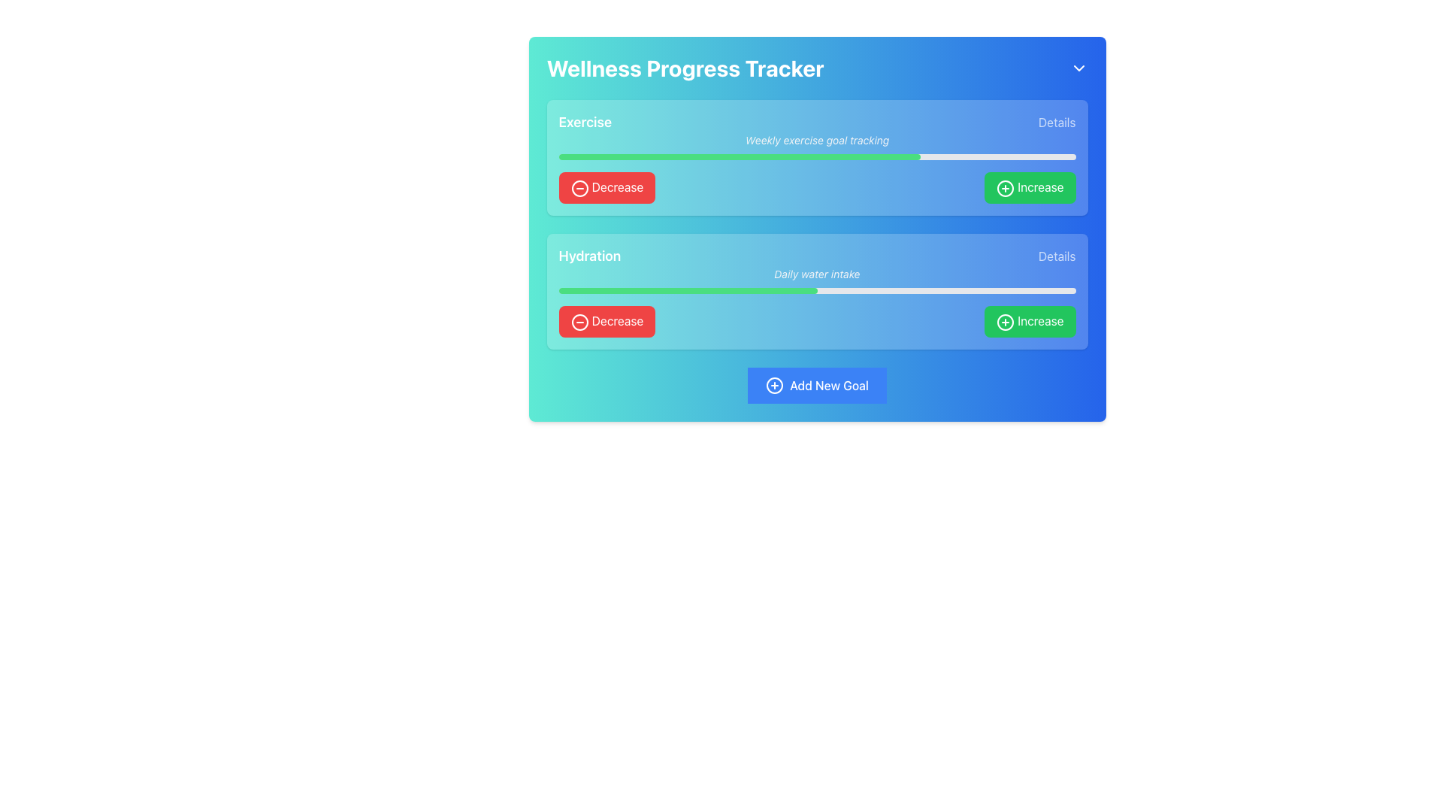 This screenshot has width=1443, height=812. I want to click on the small italicized text label that reads 'Weekly exercise goal tracking', which is styled in gray and located in the center of the exercise goal section card, so click(816, 140).